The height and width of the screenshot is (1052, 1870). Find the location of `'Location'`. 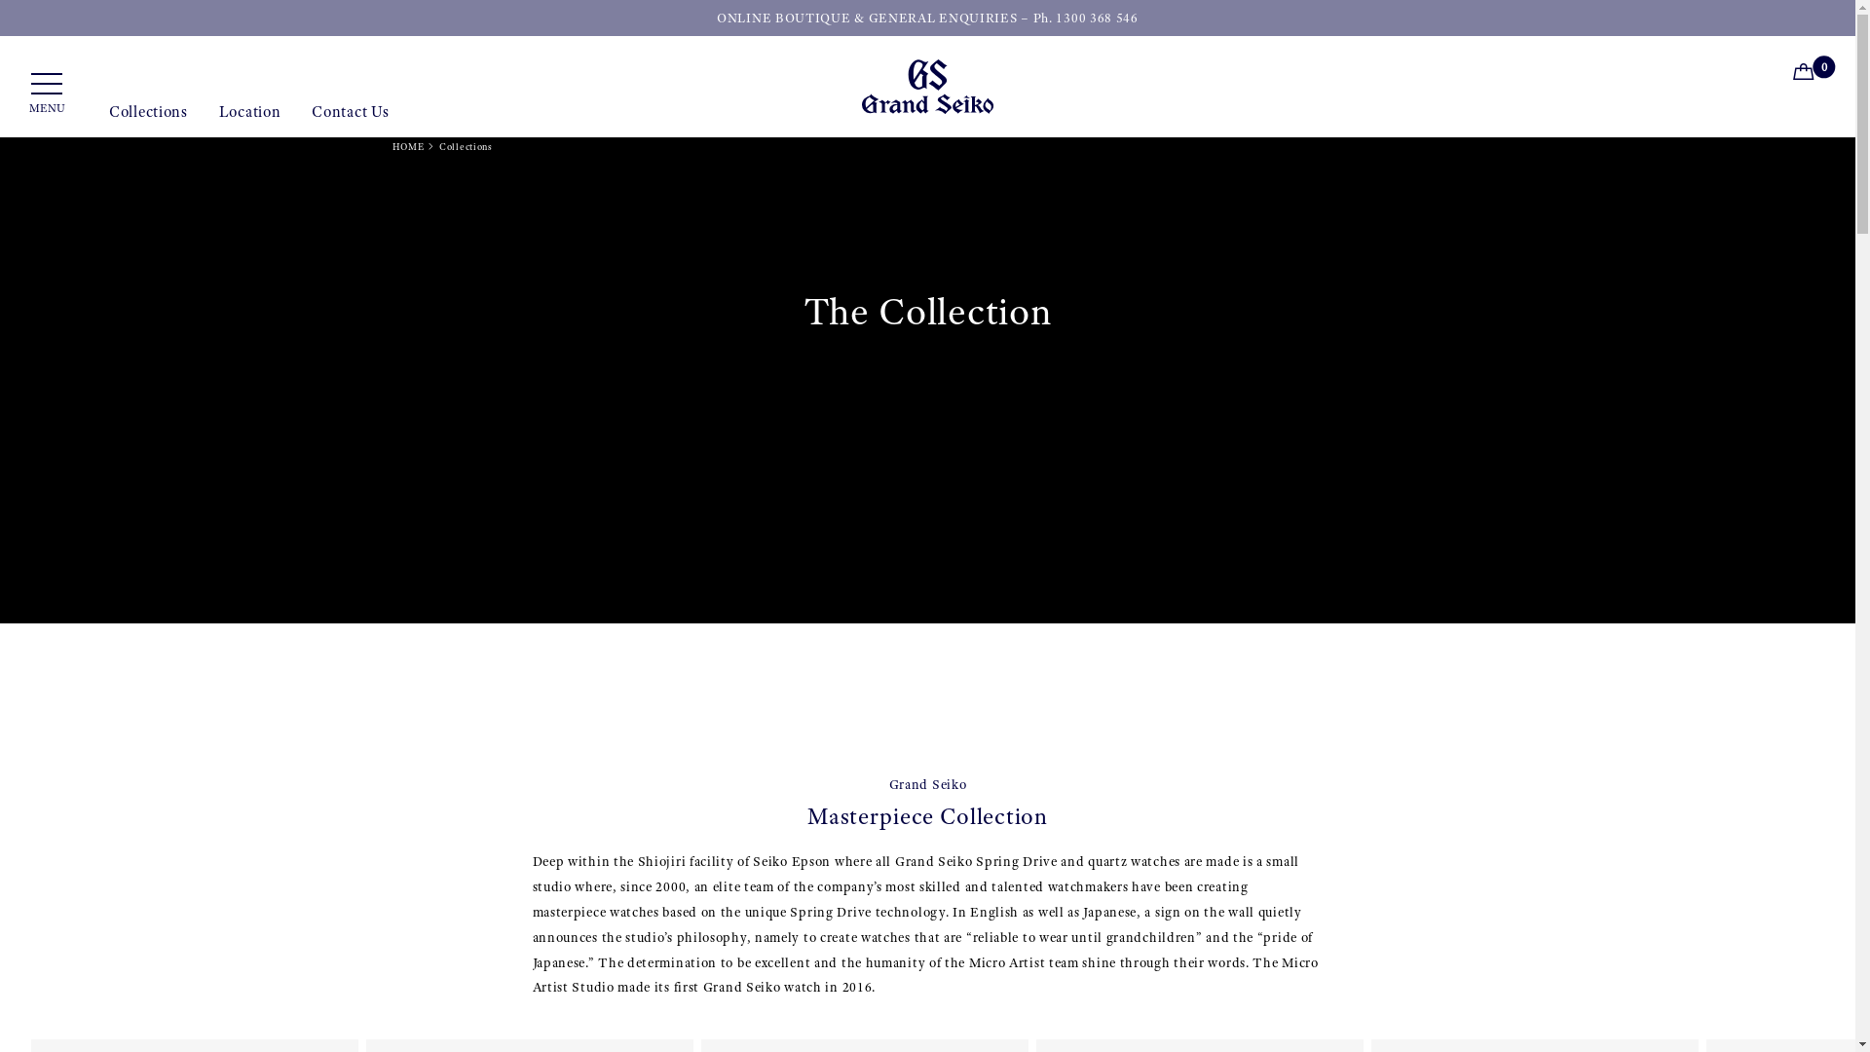

'Location' is located at coordinates (249, 120).